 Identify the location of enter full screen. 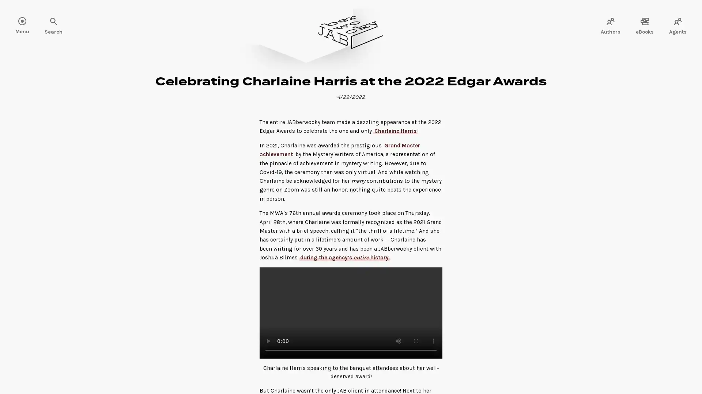
(416, 341).